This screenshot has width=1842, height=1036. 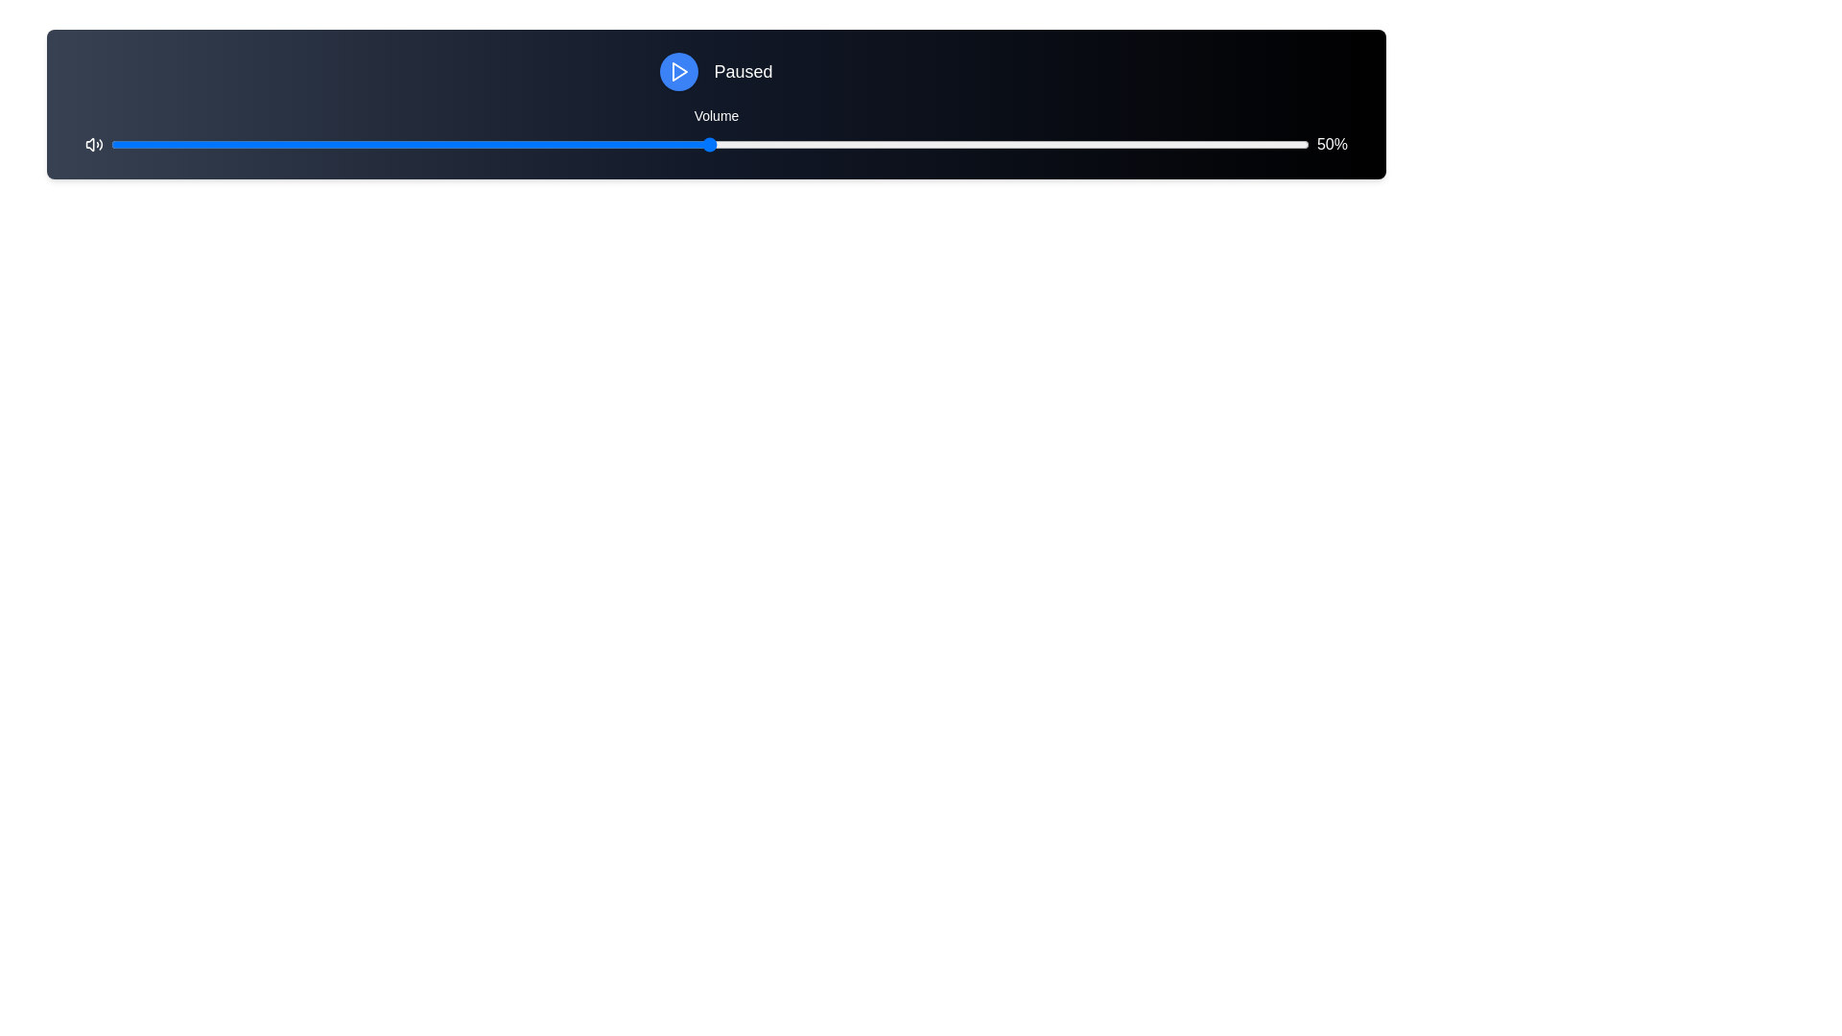 What do you see at coordinates (716, 70) in the screenshot?
I see `text label displaying 'Paused' which is centrally positioned to the right of a circular play button` at bounding box center [716, 70].